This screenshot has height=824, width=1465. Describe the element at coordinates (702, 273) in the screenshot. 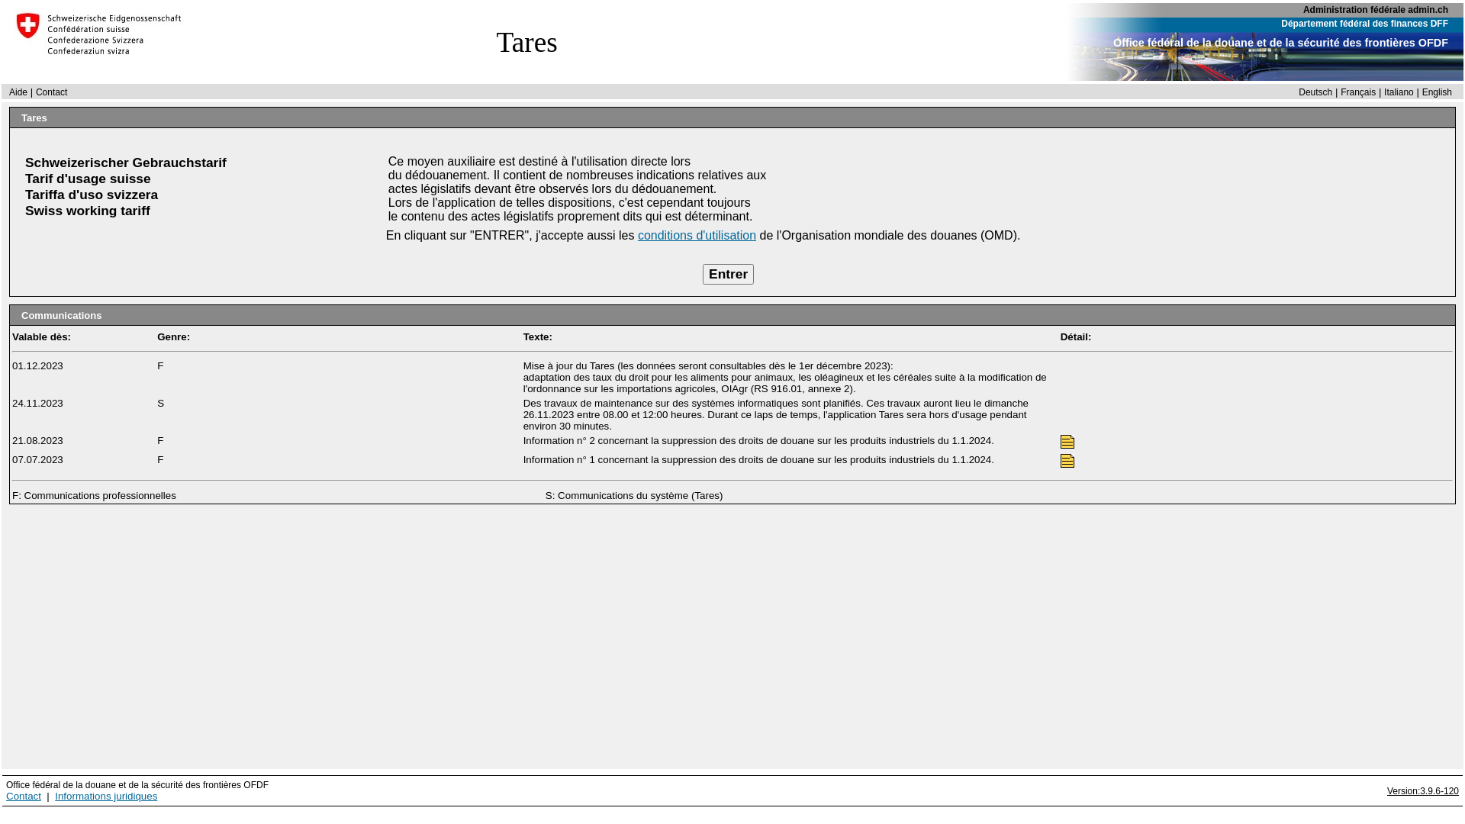

I see `'Entrer'` at that location.